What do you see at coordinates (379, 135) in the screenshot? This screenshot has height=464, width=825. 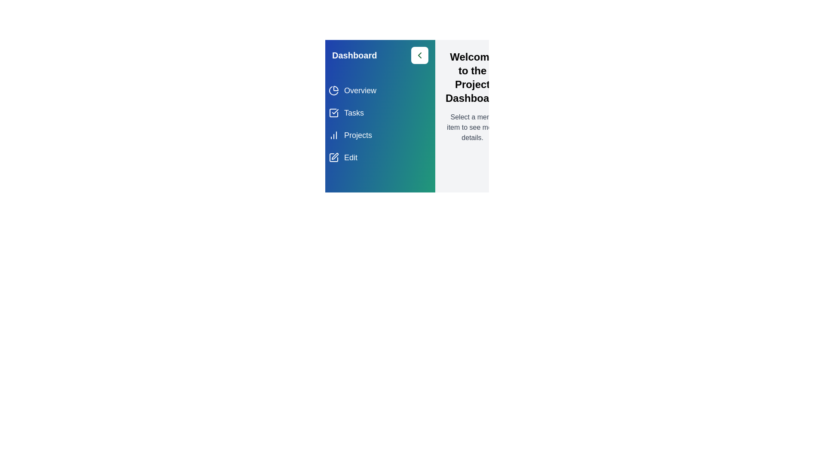 I see `the menu item Projects to observe the hover effect` at bounding box center [379, 135].